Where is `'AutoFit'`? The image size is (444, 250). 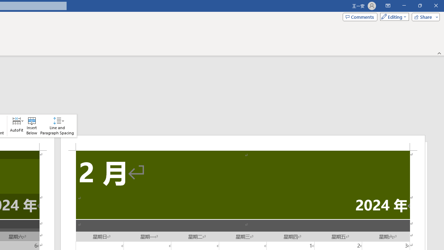 'AutoFit' is located at coordinates (17, 126).